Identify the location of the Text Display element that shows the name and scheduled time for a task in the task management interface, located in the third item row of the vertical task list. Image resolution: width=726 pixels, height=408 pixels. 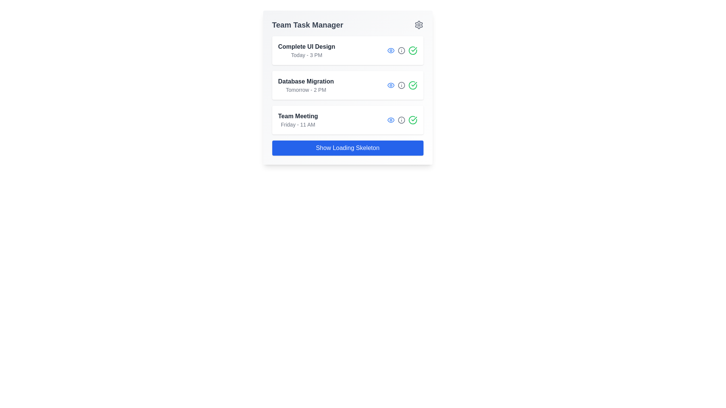
(298, 119).